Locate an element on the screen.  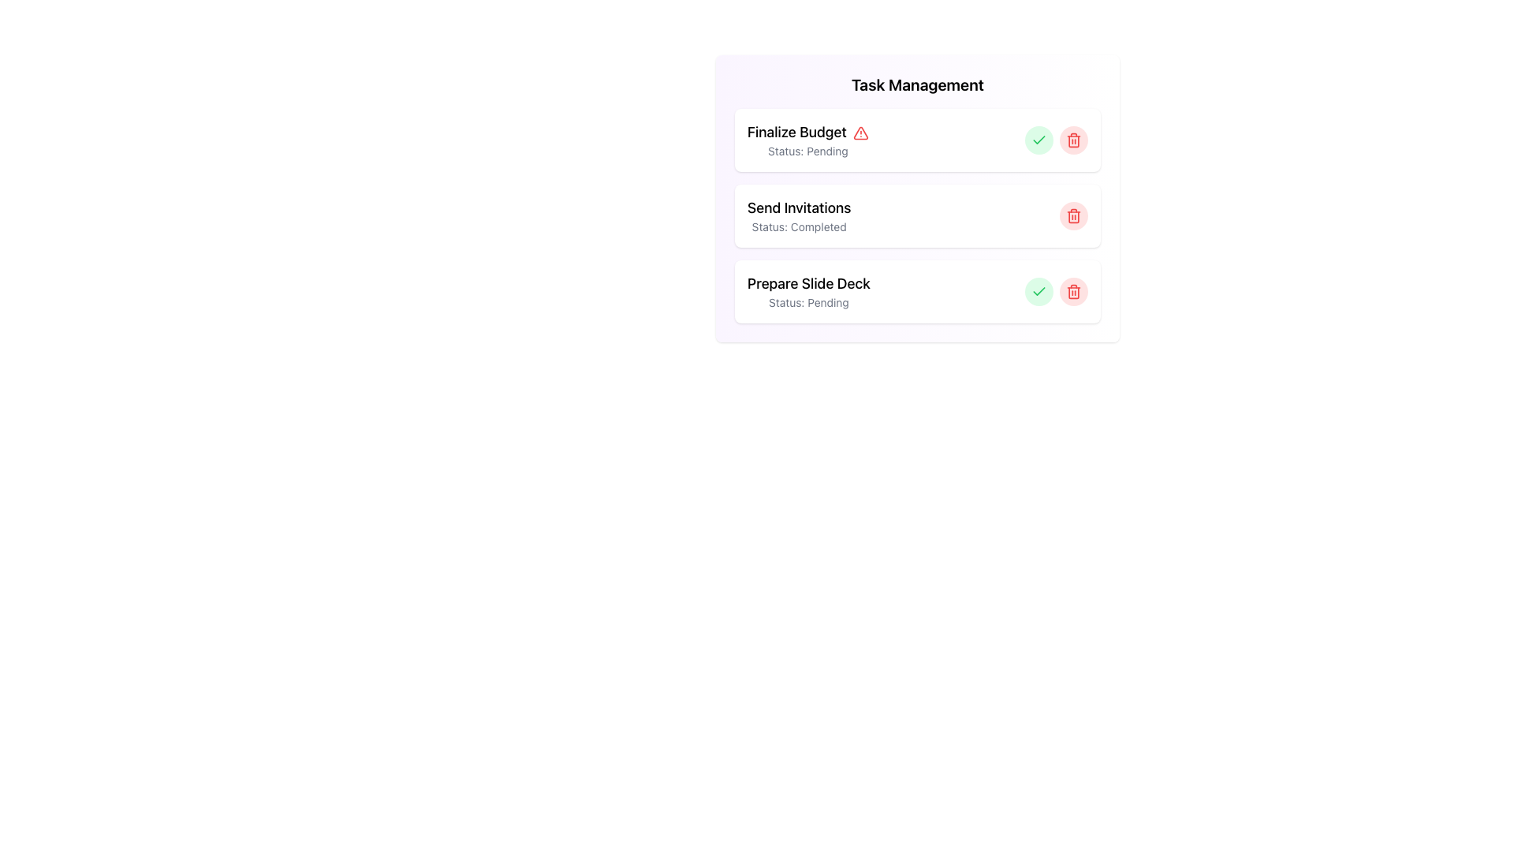
the text label that displays 'Finalize Budget' in bold font, located at the top of the task management list under 'Finalize Budget Status: Pending' is located at coordinates (807, 132).